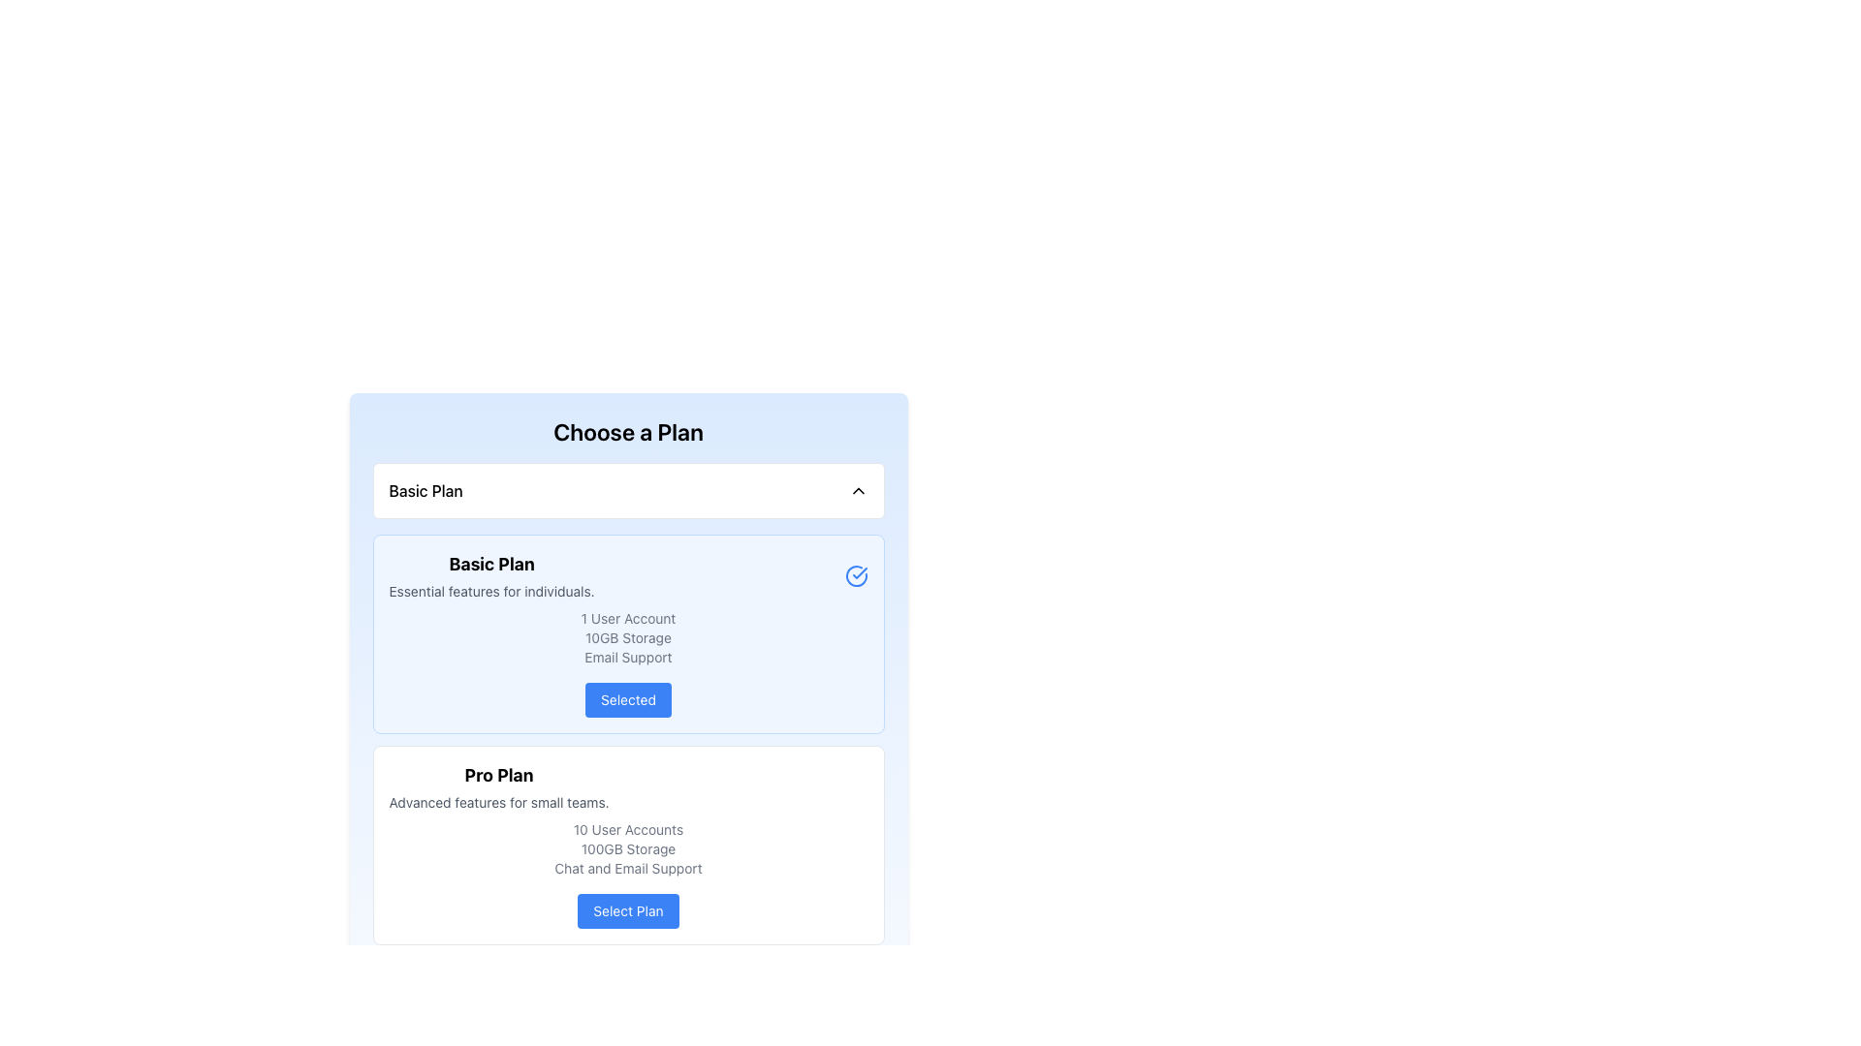 This screenshot has height=1046, width=1861. Describe the element at coordinates (628, 847) in the screenshot. I see `the text label displaying '100GB Storage', which is part of the subscription plan features list under the 'Pro Plan' section` at that location.